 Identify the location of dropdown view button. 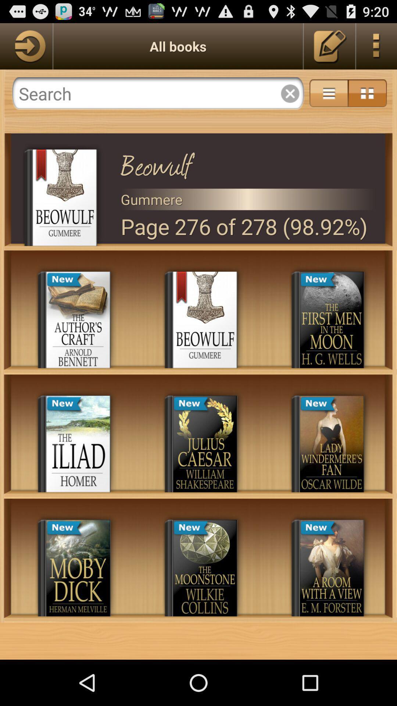
(328, 93).